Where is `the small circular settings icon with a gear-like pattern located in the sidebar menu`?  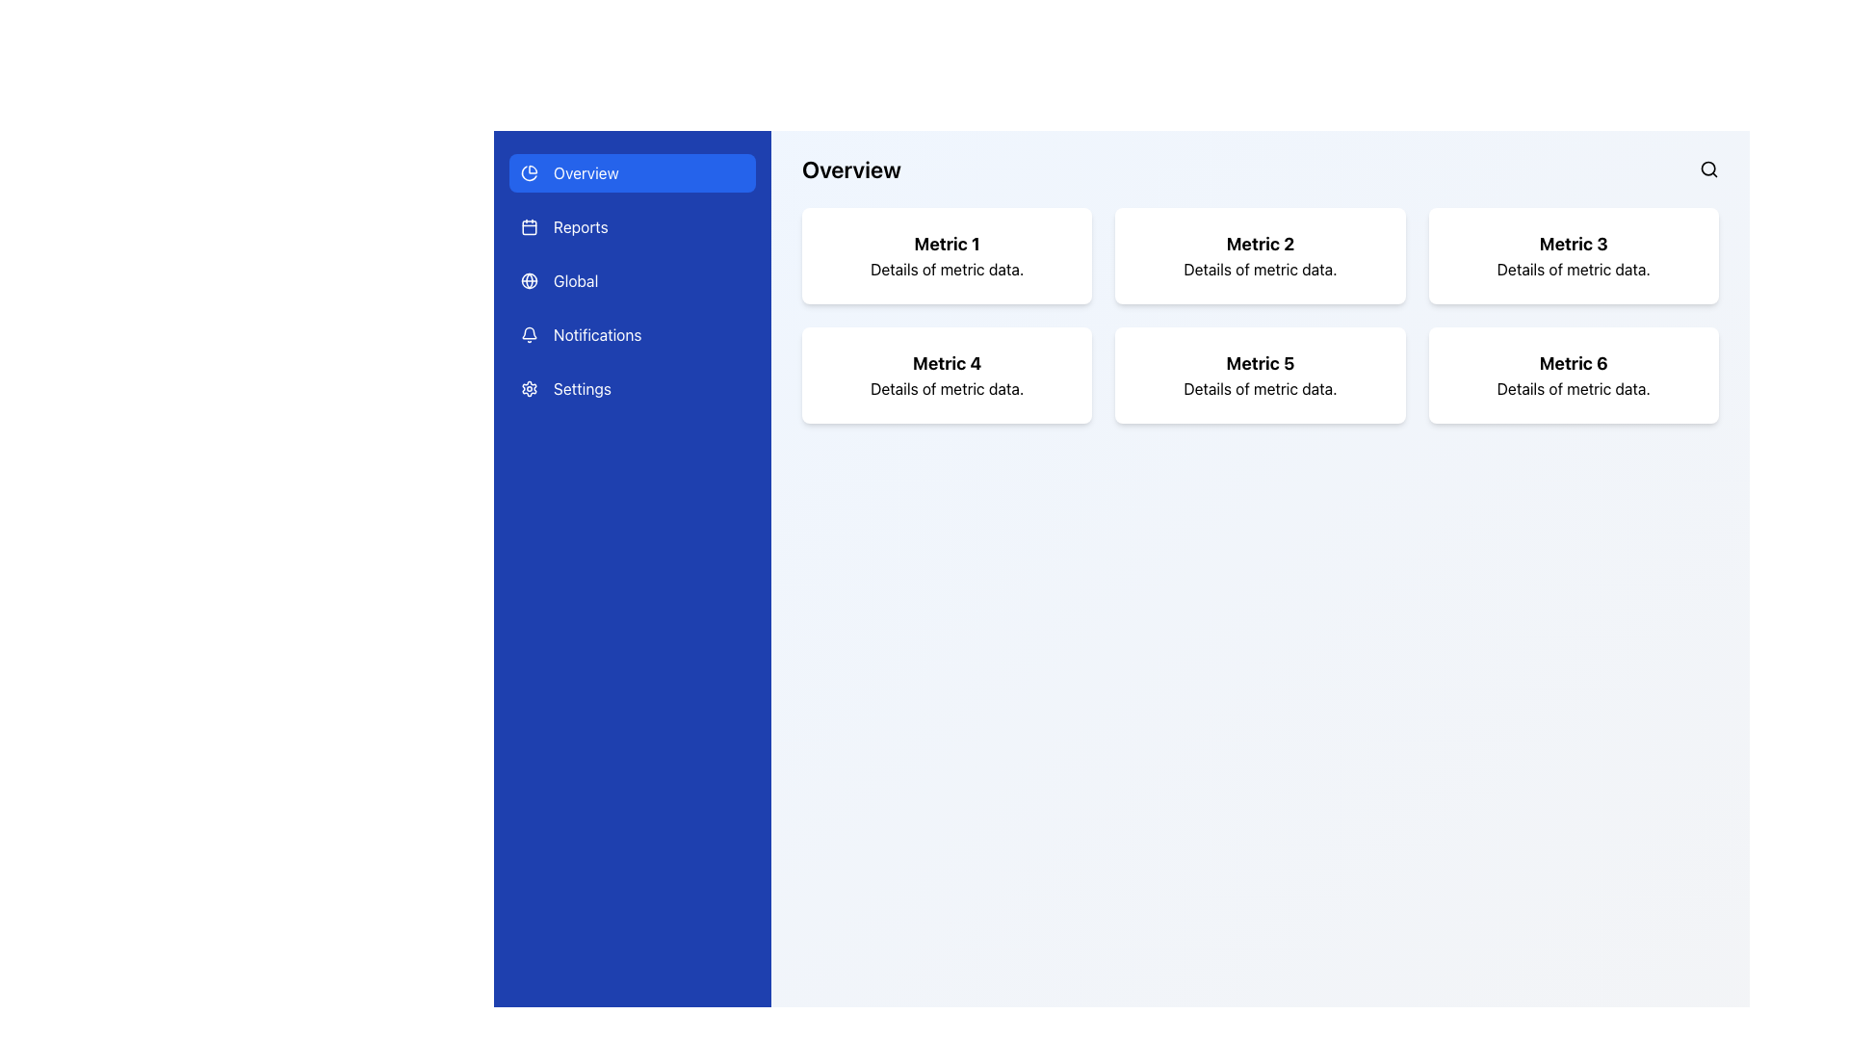 the small circular settings icon with a gear-like pattern located in the sidebar menu is located at coordinates (530, 389).